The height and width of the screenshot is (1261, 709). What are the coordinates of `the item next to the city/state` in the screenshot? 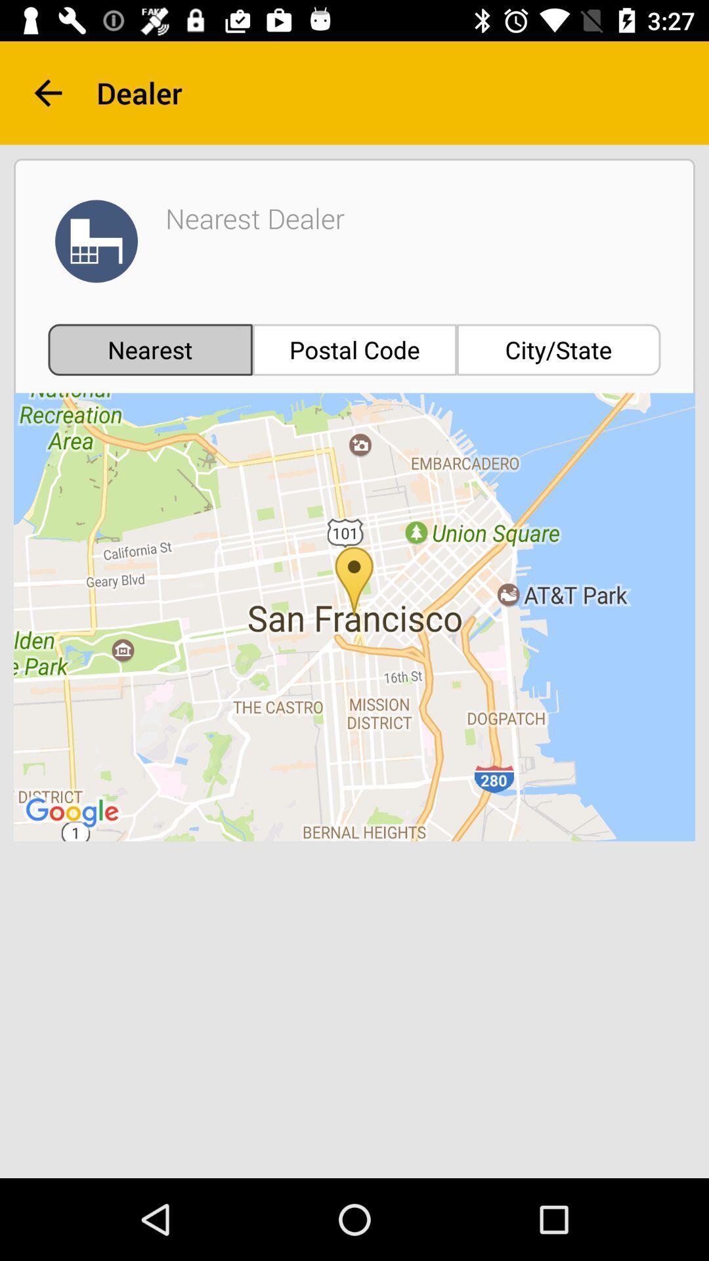 It's located at (354, 349).